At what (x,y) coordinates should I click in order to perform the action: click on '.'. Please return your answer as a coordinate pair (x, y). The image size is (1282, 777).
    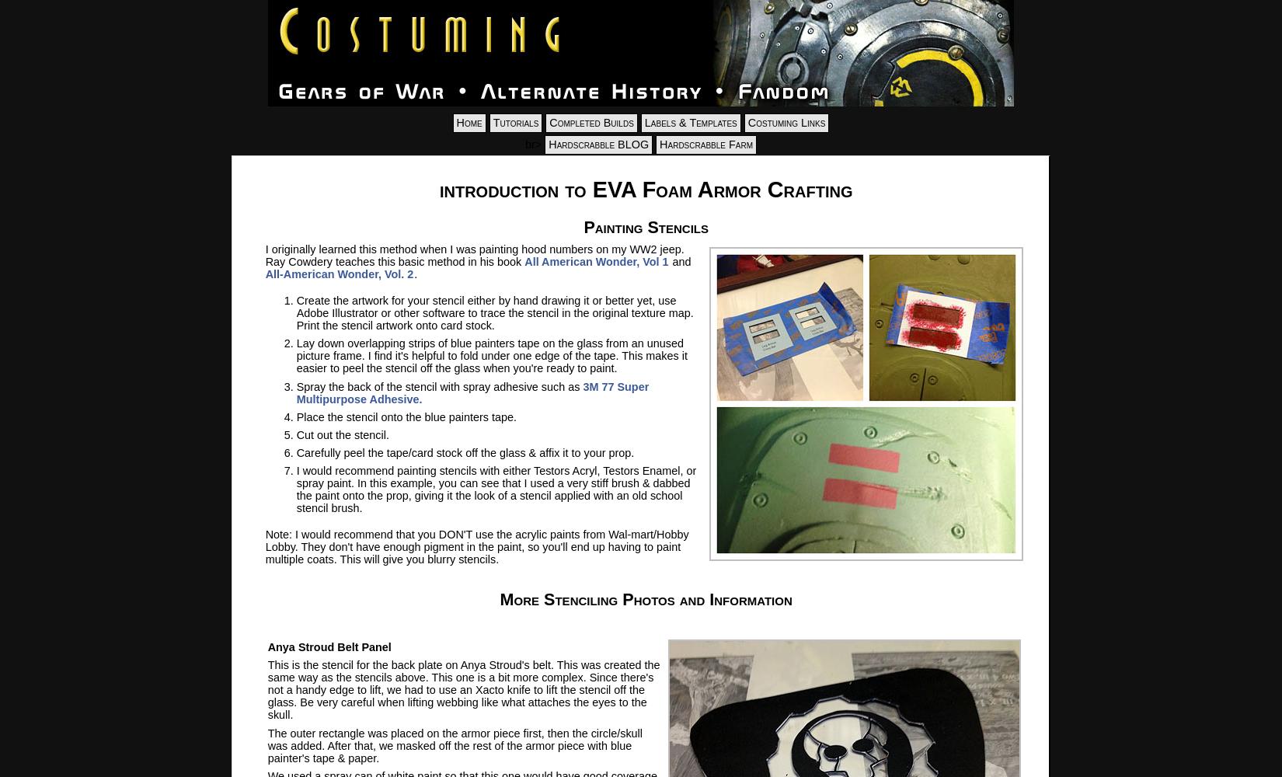
    Looking at the image, I should click on (414, 274).